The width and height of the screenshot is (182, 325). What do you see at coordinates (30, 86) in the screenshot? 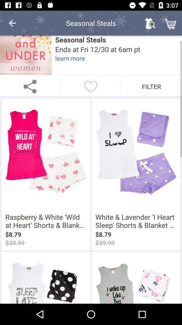
I see `share page` at bounding box center [30, 86].